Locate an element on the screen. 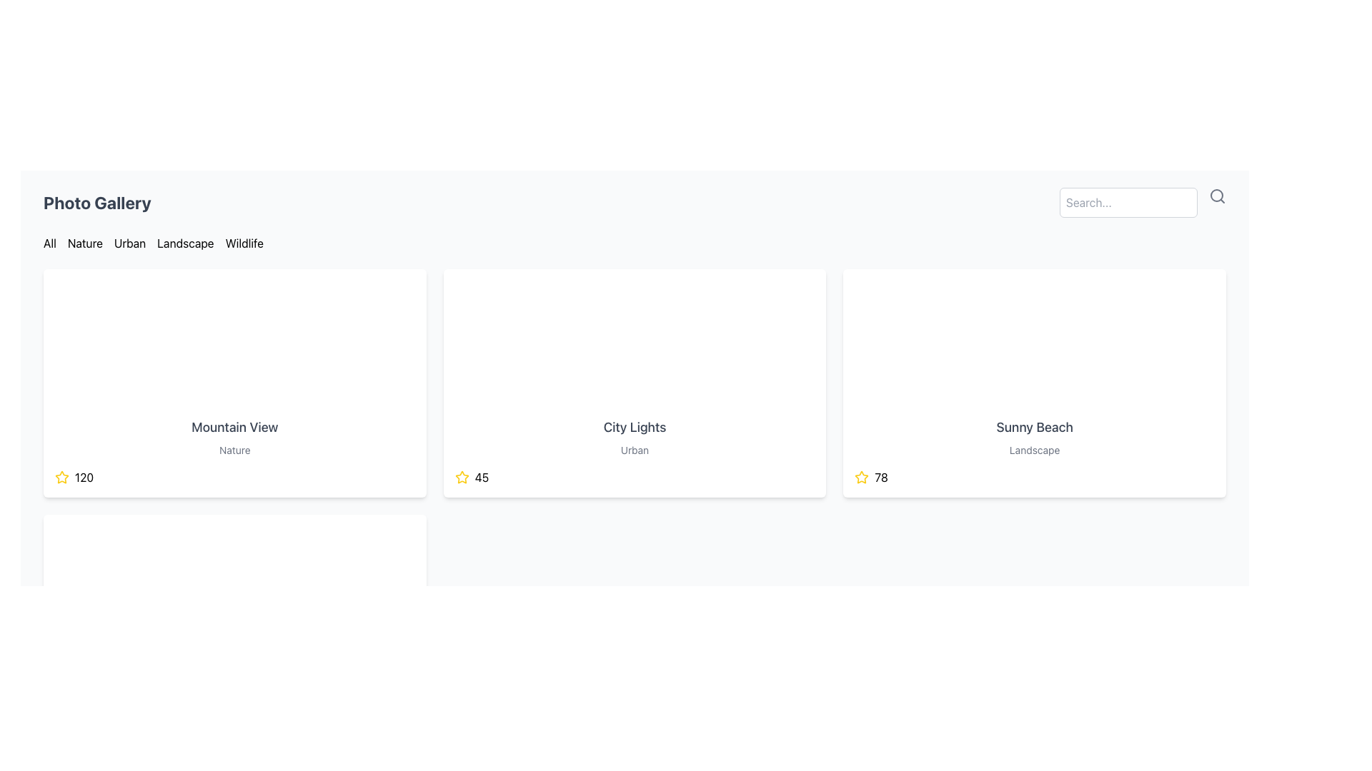  the fourth clickable label in the filter options for 'Landscape' located below the 'Photo Gallery' header is located at coordinates (184, 242).